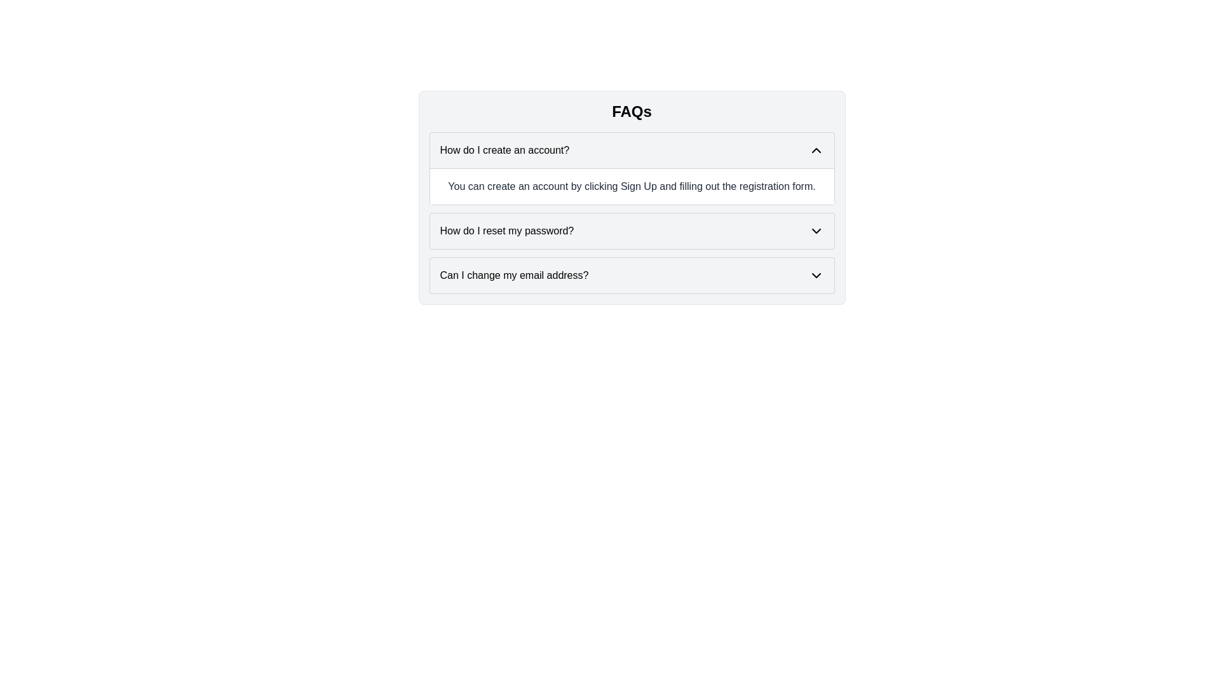 Image resolution: width=1220 pixels, height=686 pixels. What do you see at coordinates (632, 198) in the screenshot?
I see `the FAQ section, which is a white box with a gray border and rounded corners containing the header 'FAQs'` at bounding box center [632, 198].